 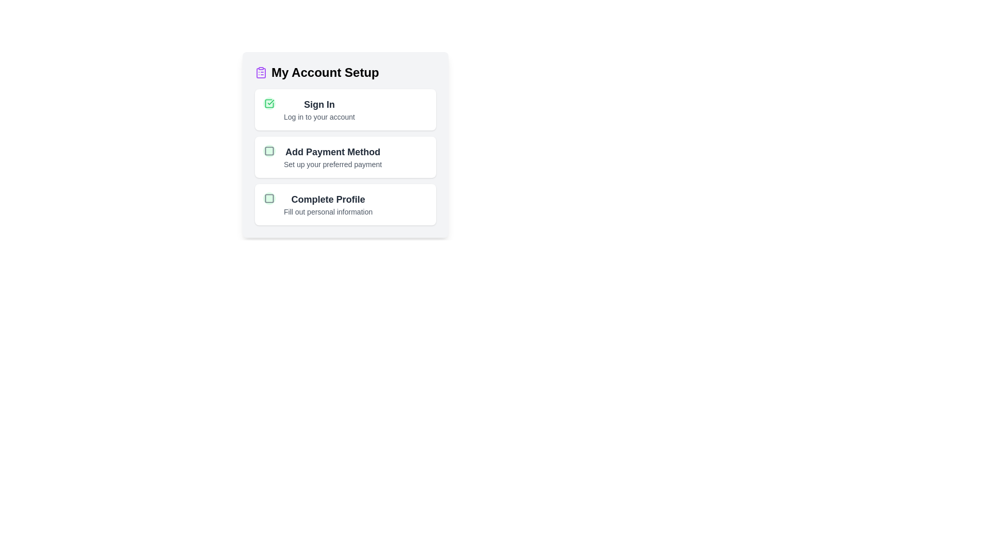 What do you see at coordinates (345, 109) in the screenshot?
I see `the task titled 'Sign In' to view its hover effect` at bounding box center [345, 109].